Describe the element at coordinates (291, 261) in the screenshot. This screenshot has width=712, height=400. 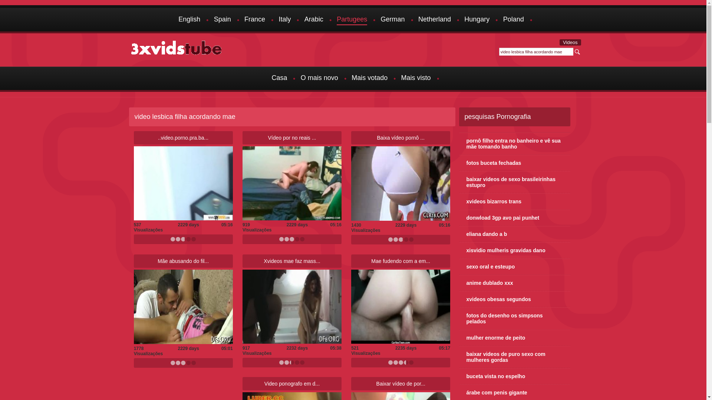
I see `'Xvideos mae faz mass...'` at that location.